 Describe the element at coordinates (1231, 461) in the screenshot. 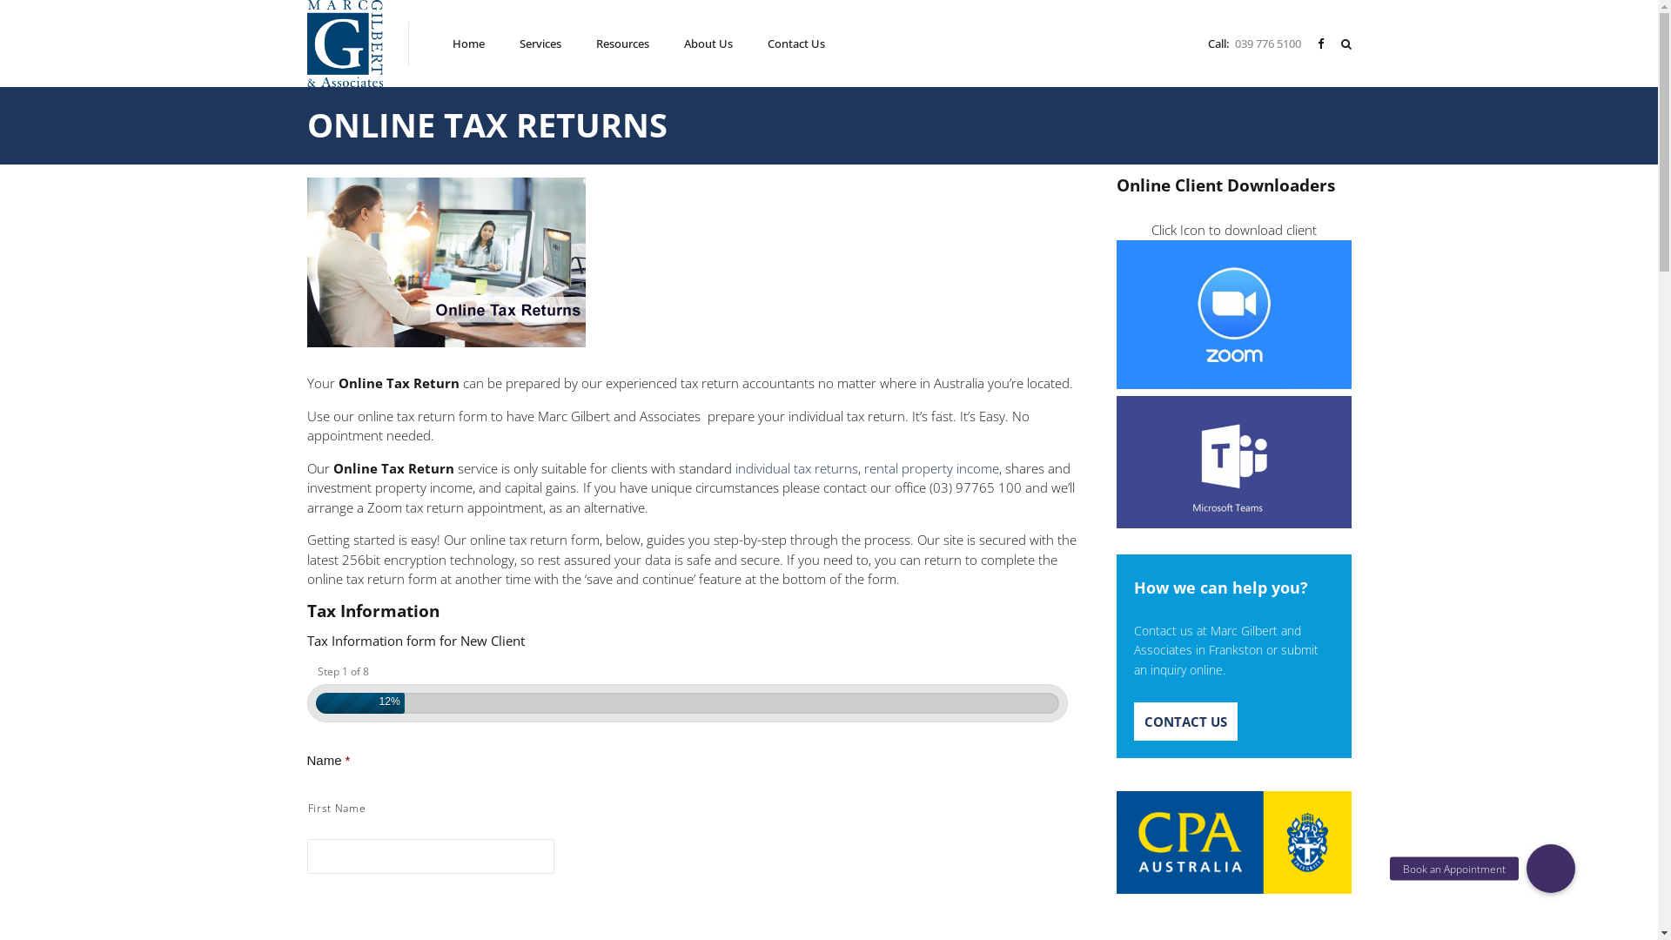

I see `'Teams'` at that location.